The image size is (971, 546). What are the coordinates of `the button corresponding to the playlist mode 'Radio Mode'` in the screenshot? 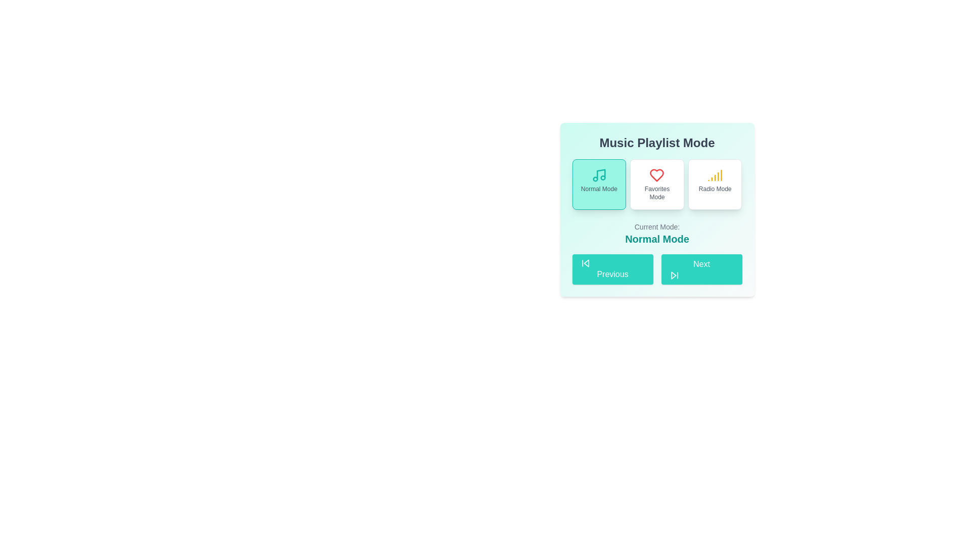 It's located at (715, 185).